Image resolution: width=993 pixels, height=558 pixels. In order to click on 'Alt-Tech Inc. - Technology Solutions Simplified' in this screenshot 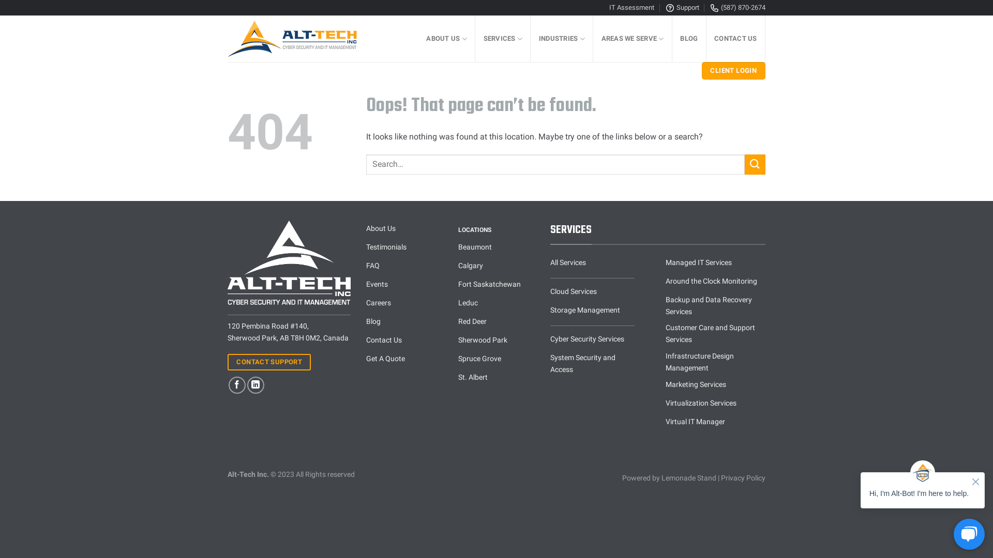, I will do `click(299, 38)`.